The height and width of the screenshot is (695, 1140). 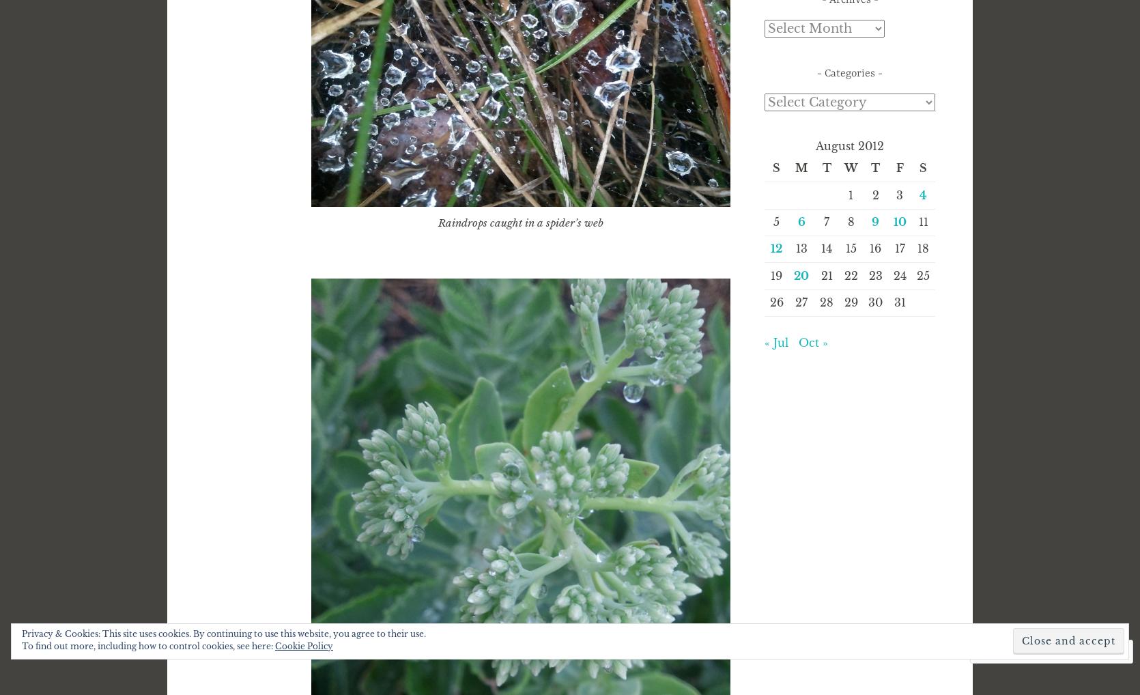 What do you see at coordinates (844, 249) in the screenshot?
I see `'15'` at bounding box center [844, 249].